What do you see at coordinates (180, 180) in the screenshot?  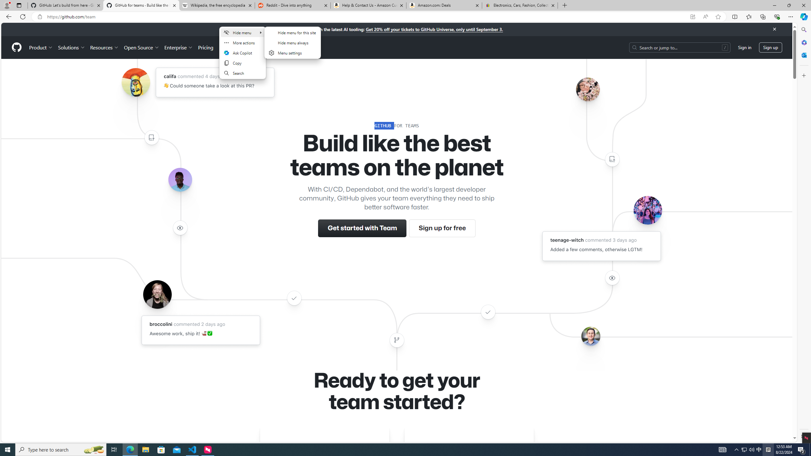 I see `'Avatar of the user lerebear'` at bounding box center [180, 180].